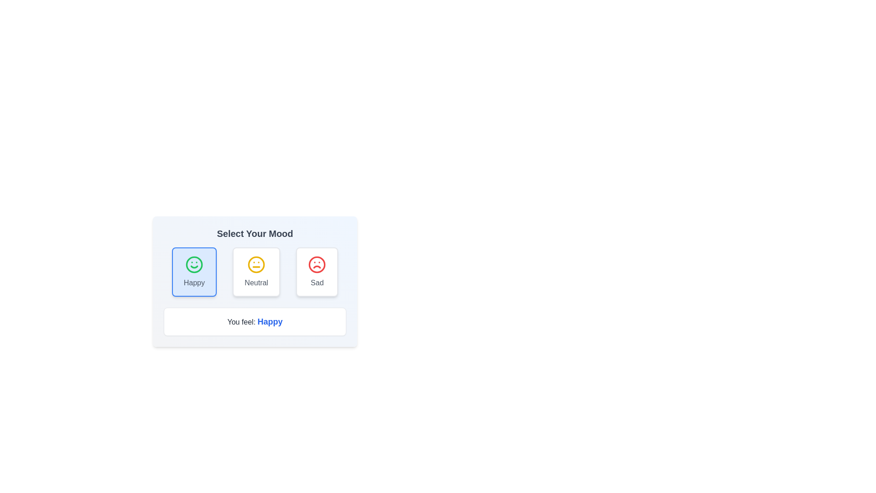  What do you see at coordinates (193, 272) in the screenshot?
I see `the 'Happy' mood selection button, which is the leftmost among three mood selection boxes` at bounding box center [193, 272].